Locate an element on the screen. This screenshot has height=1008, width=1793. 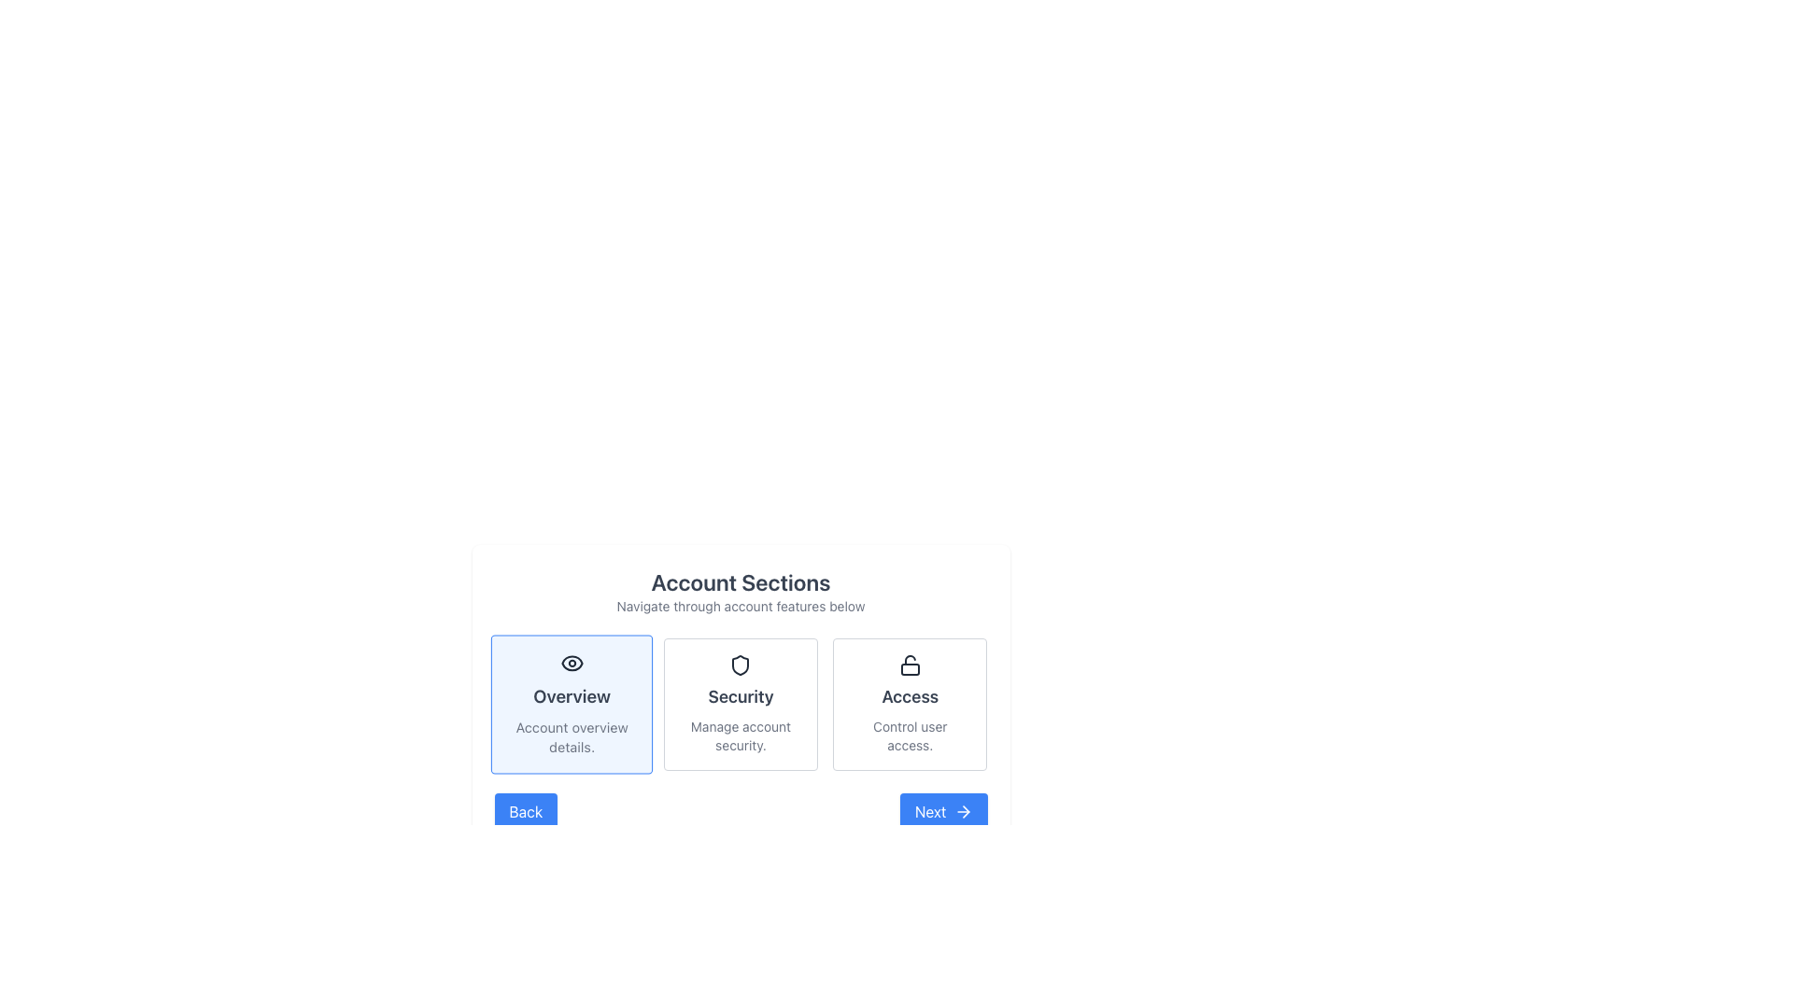
the lower rectangular component of the lock icon within the 'Access' section, which is styled with slightly rounded corners and located at the base of the lock's 'U' shape is located at coordinates (910, 668).